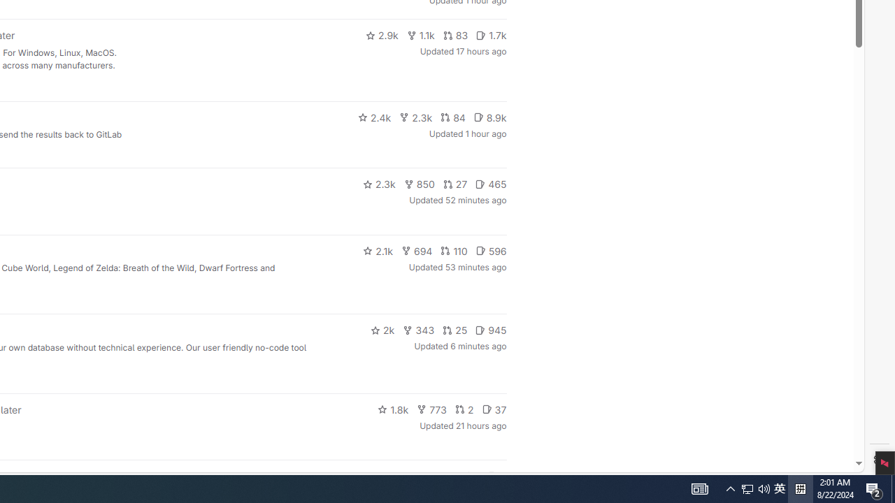 Image resolution: width=895 pixels, height=503 pixels. Describe the element at coordinates (491, 330) in the screenshot. I see `'945'` at that location.